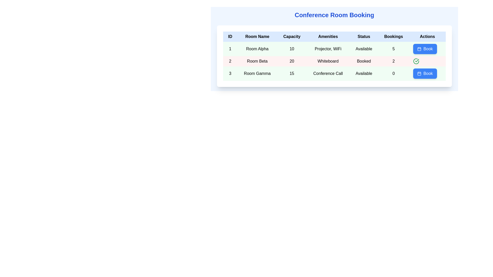 The image size is (493, 277). Describe the element at coordinates (230, 73) in the screenshot. I see `the numeral '3' displayed in the leftmost column of the row under the 'ID' column in the table for 'Room Gamma'` at that location.